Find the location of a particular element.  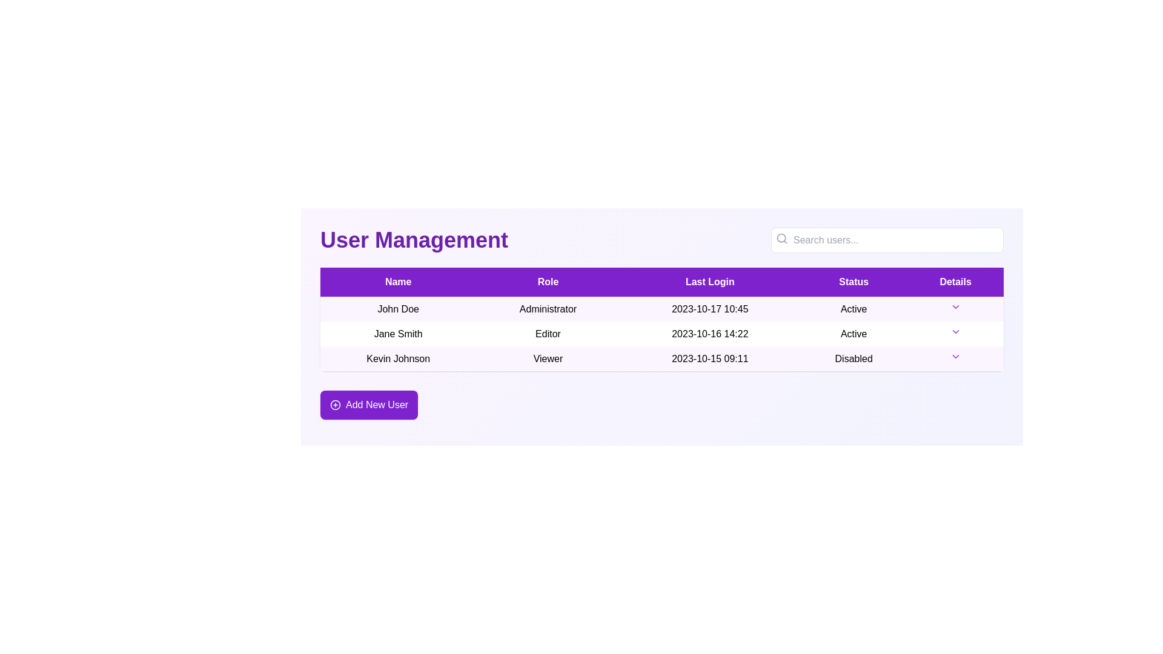

the Text label in the second column of the third row under the 'Role' column that displays 'Kevin Johnson' is located at coordinates (547, 358).